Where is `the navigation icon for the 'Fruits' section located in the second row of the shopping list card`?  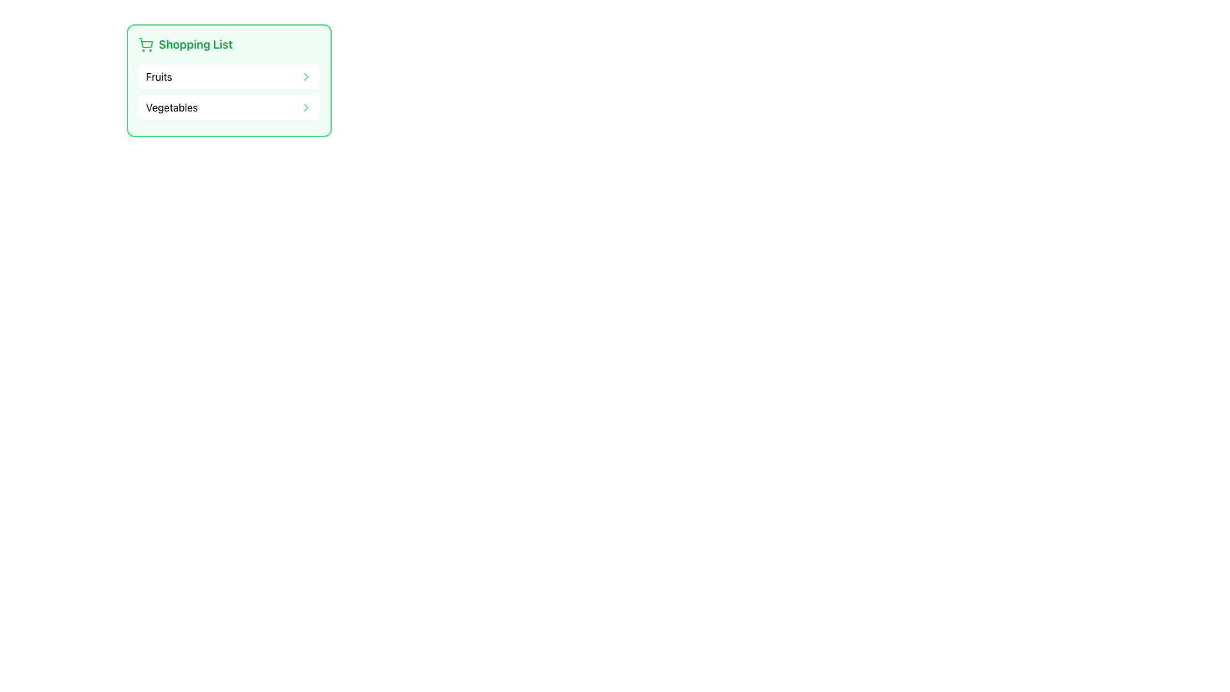
the navigation icon for the 'Fruits' section located in the second row of the shopping list card is located at coordinates (306, 76).